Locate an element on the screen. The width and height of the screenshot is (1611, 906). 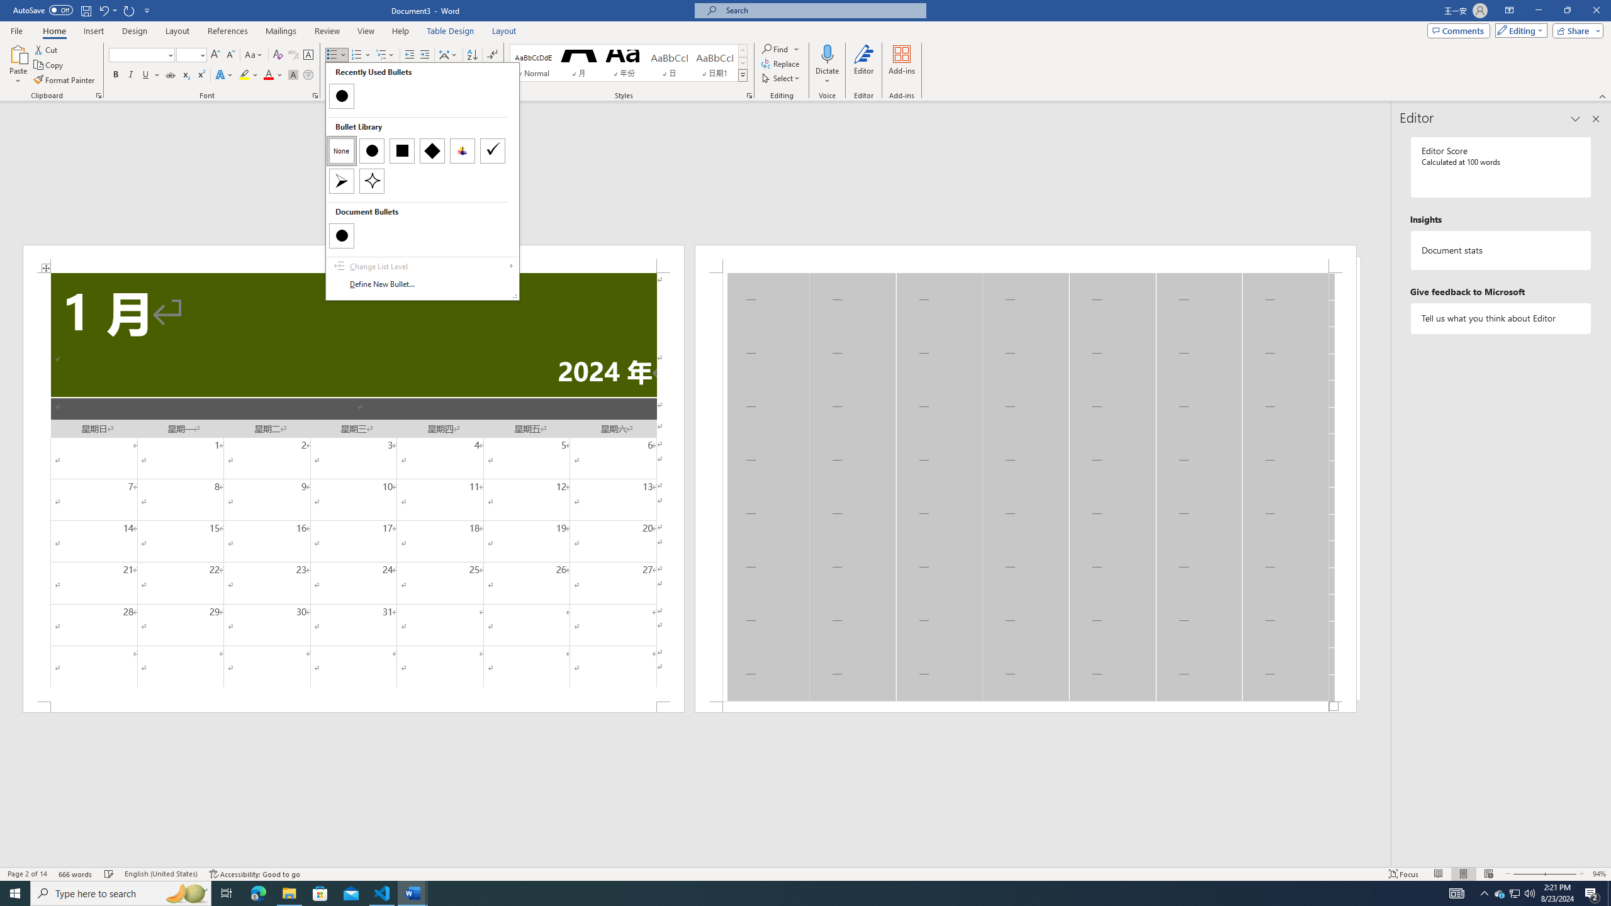
'Language English (United States)' is located at coordinates (161, 874).